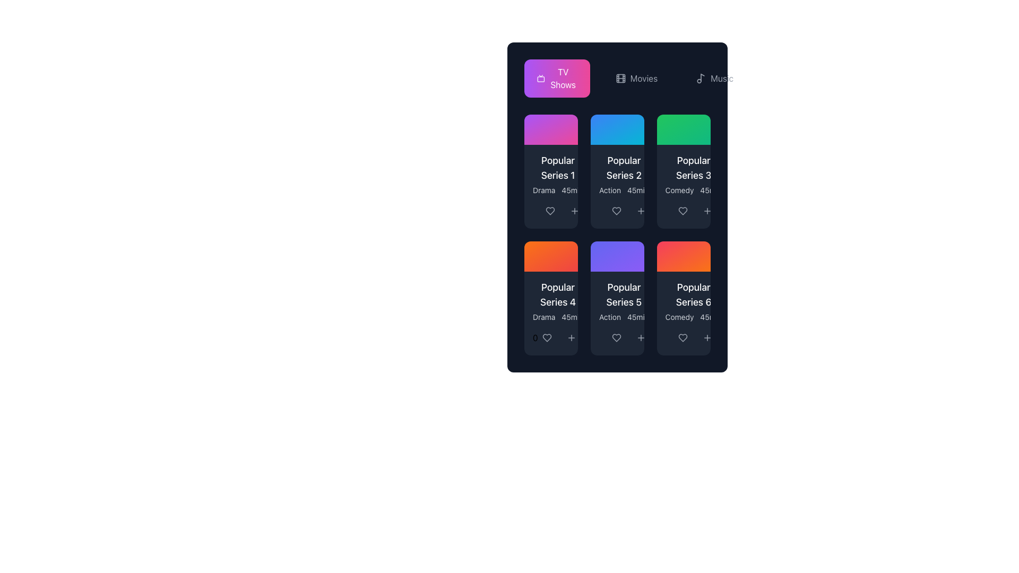  I want to click on the outlined heart icon button located within the card titled 'Popular Series 2', so click(617, 211).